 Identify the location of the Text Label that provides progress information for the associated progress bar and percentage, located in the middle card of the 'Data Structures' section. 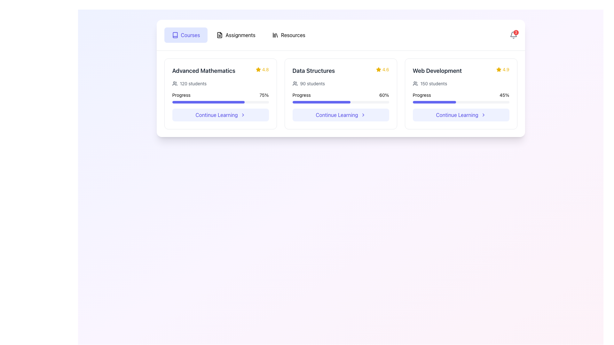
(301, 95).